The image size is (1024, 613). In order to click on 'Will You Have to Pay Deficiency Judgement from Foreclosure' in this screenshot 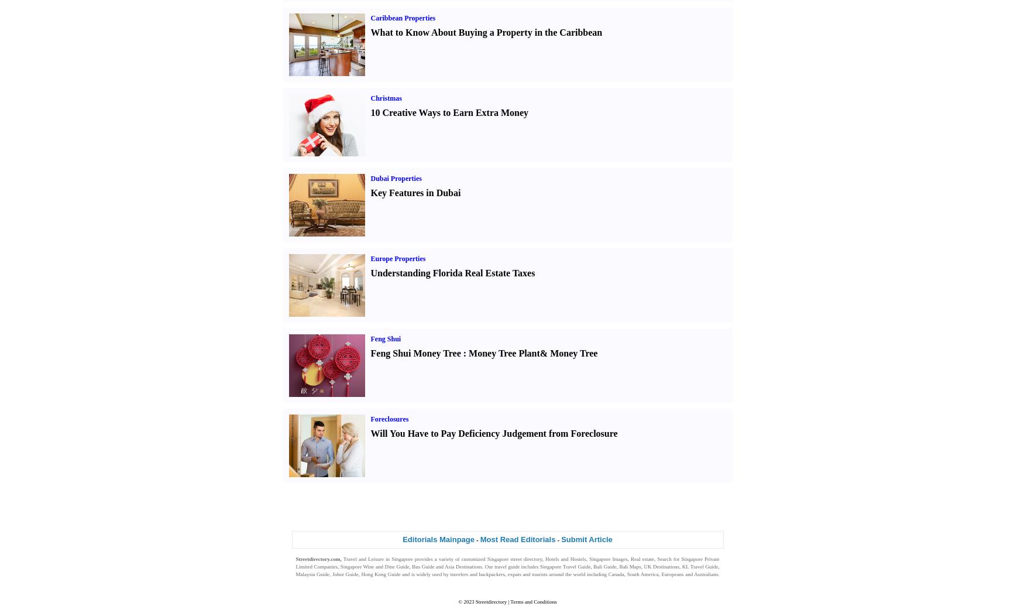, I will do `click(494, 433)`.